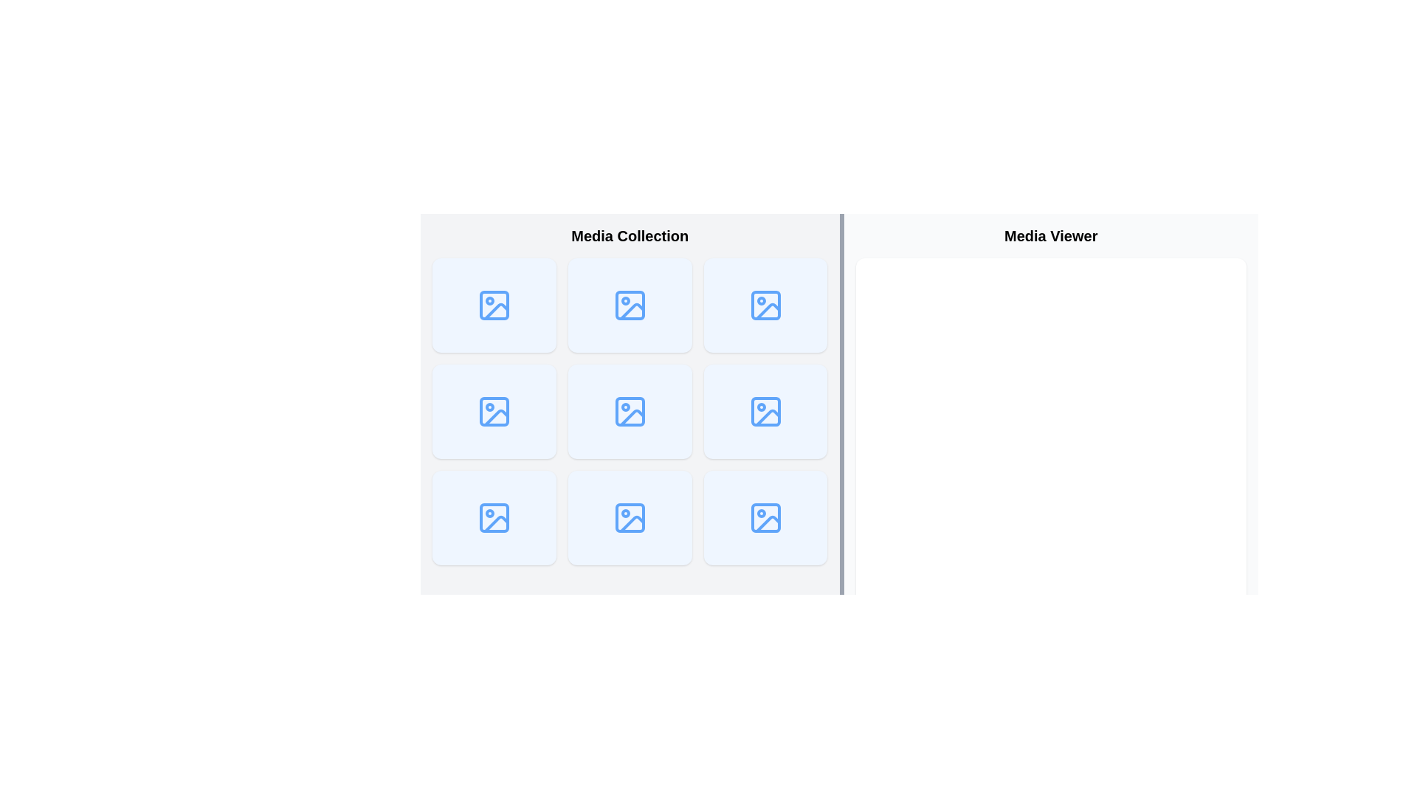  What do you see at coordinates (765, 412) in the screenshot?
I see `the middle icon in the third row of the 3x3 grid in the 'Media Collection'` at bounding box center [765, 412].